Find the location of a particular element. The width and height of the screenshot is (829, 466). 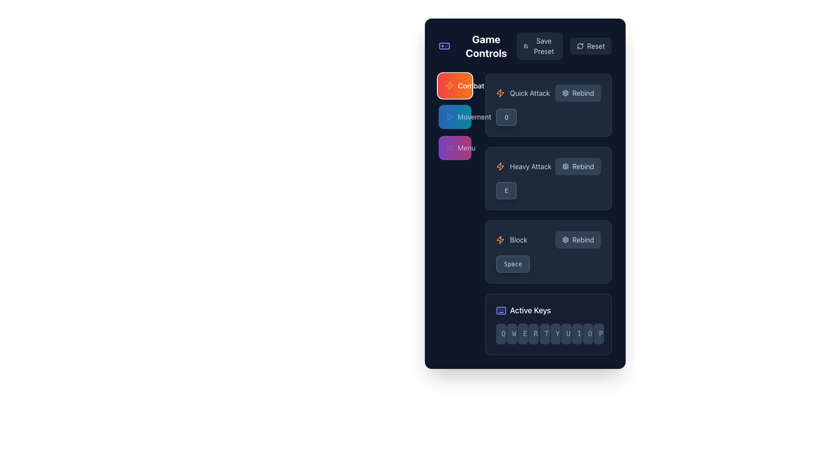

the 'Space' text label styled as a button, which has a dark slate-gray background and white text in a monospaced font, located in the 'Game Controls' interface is located at coordinates (513, 264).